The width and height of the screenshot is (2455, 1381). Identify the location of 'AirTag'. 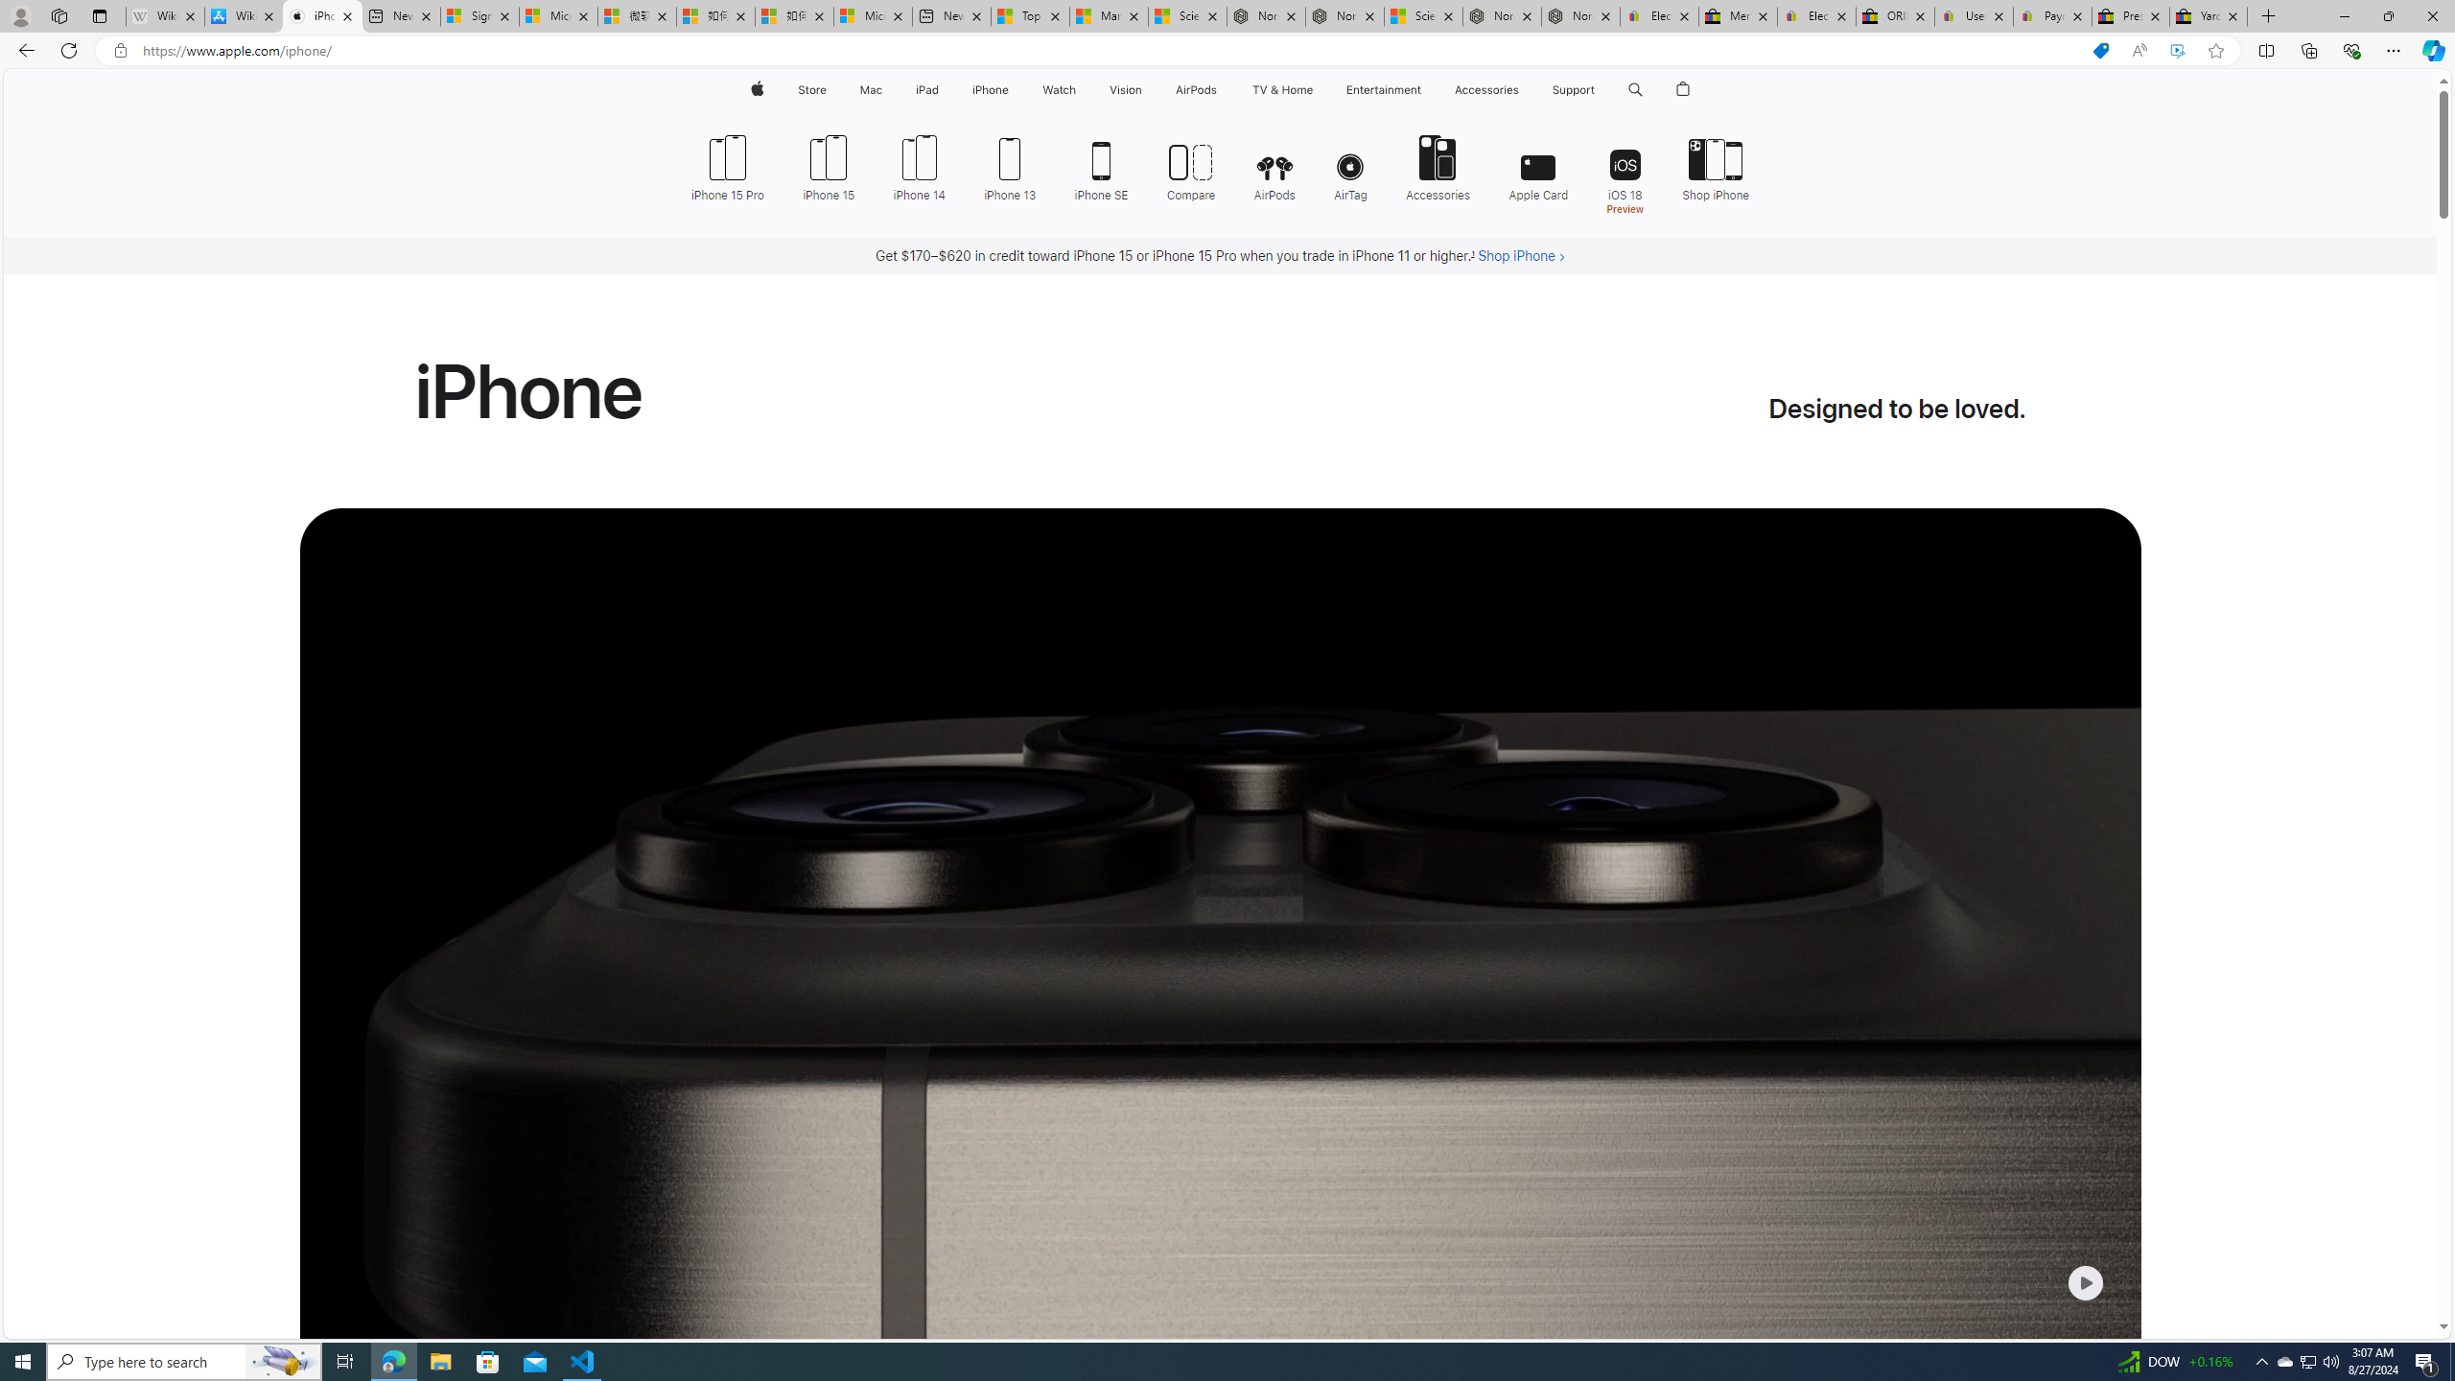
(1351, 165).